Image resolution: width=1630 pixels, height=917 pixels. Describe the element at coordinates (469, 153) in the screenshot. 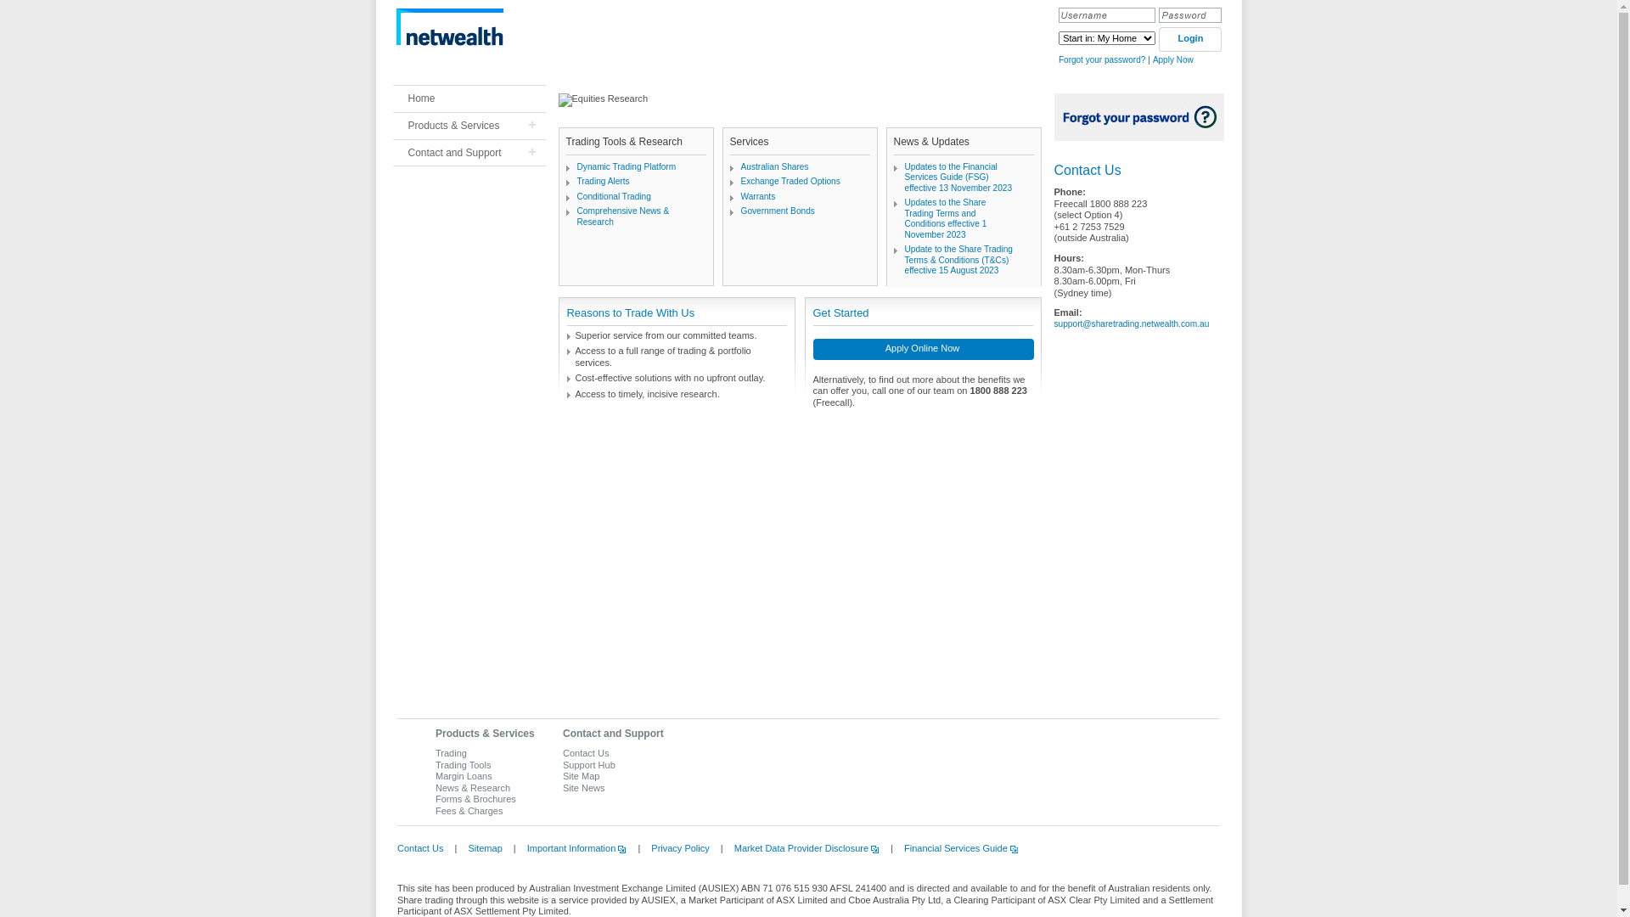

I see `'Contact and Support'` at that location.